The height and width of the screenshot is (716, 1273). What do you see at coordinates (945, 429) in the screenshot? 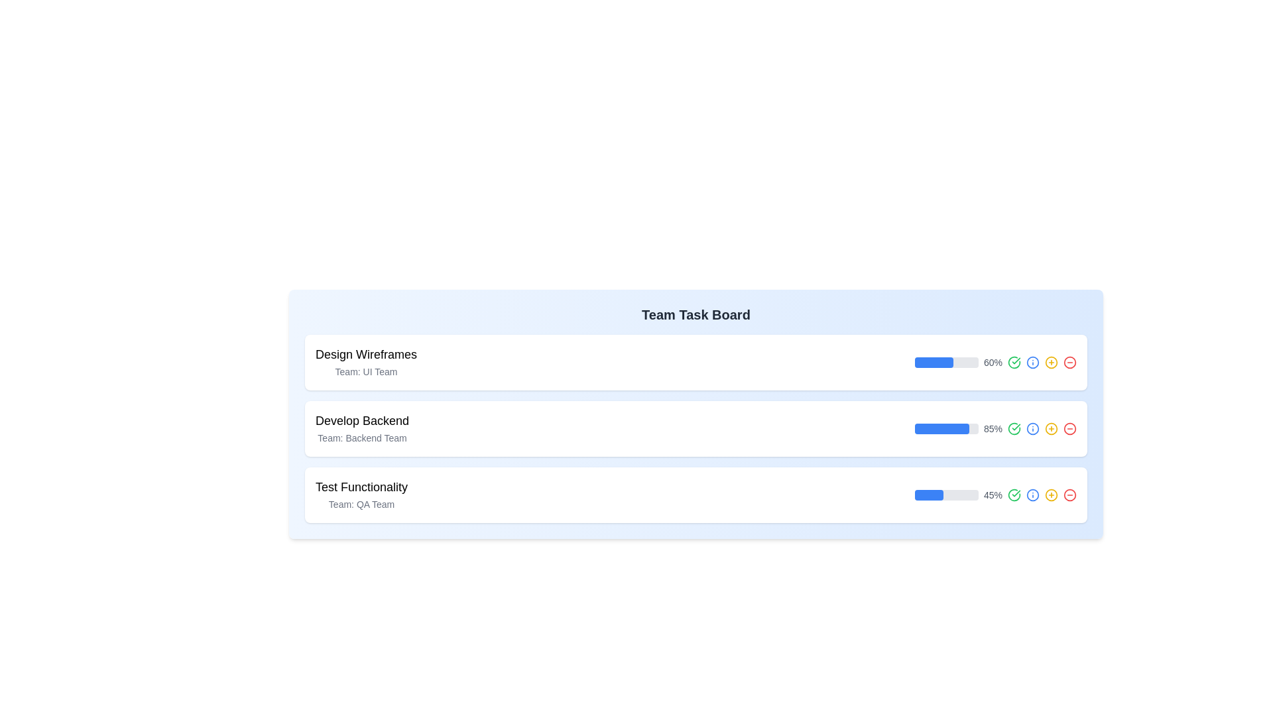
I see `the progress bar representing 85% completion for the task labeled 'Develop Backend', which is the second progress bar in the list` at bounding box center [945, 429].